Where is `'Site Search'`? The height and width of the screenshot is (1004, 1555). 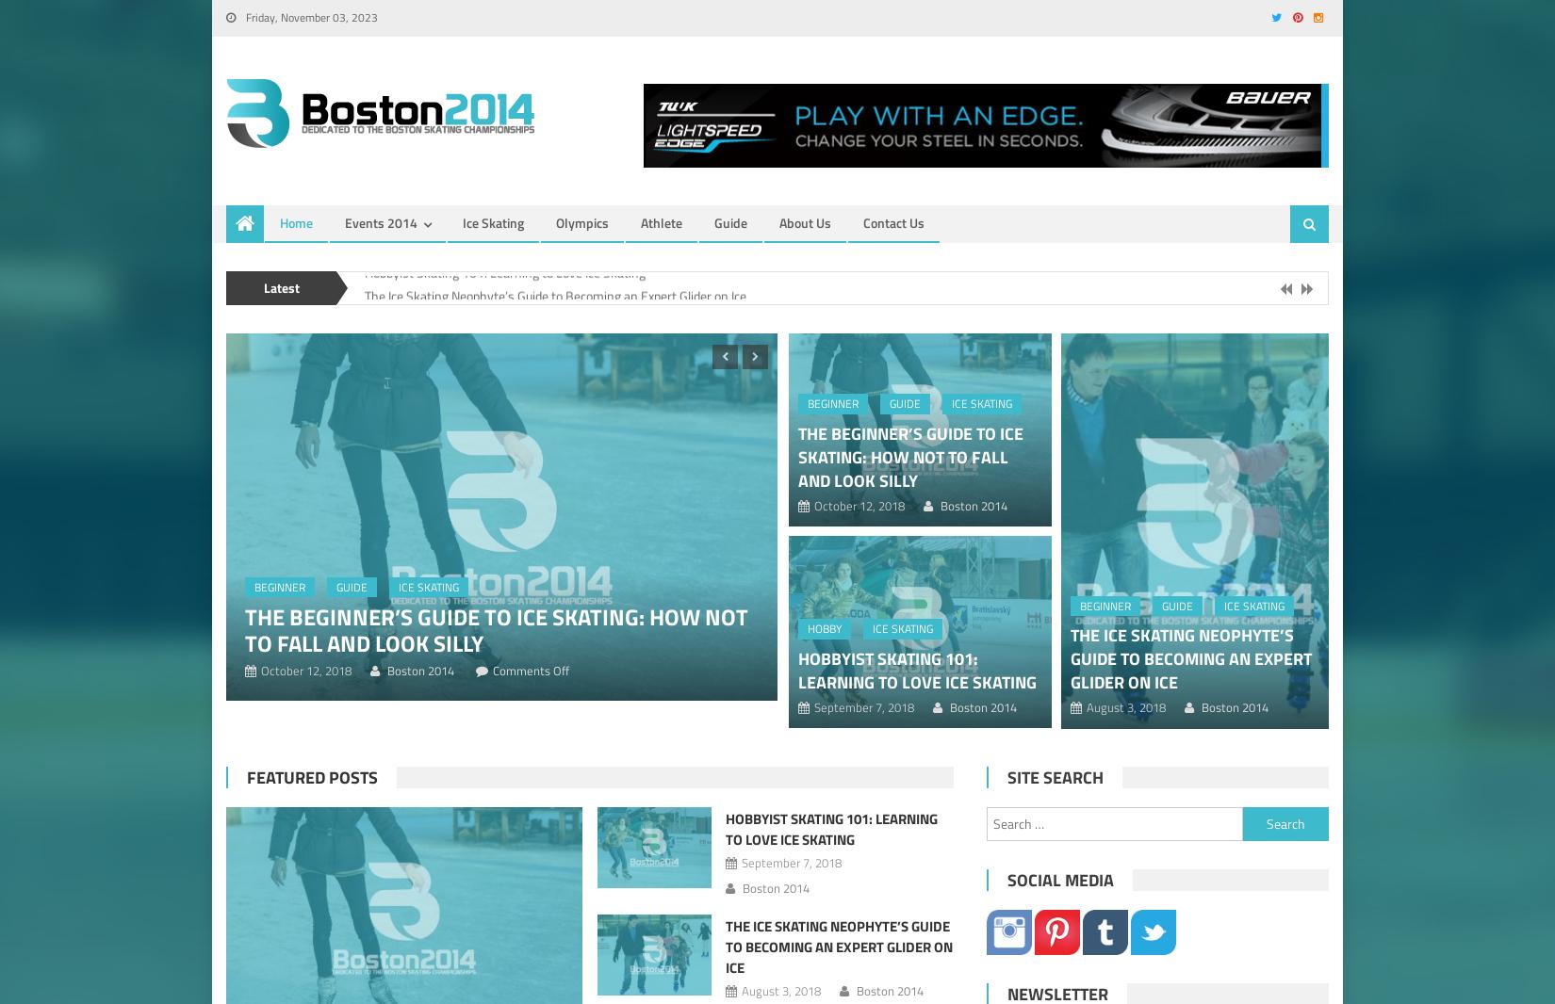 'Site Search' is located at coordinates (1056, 776).